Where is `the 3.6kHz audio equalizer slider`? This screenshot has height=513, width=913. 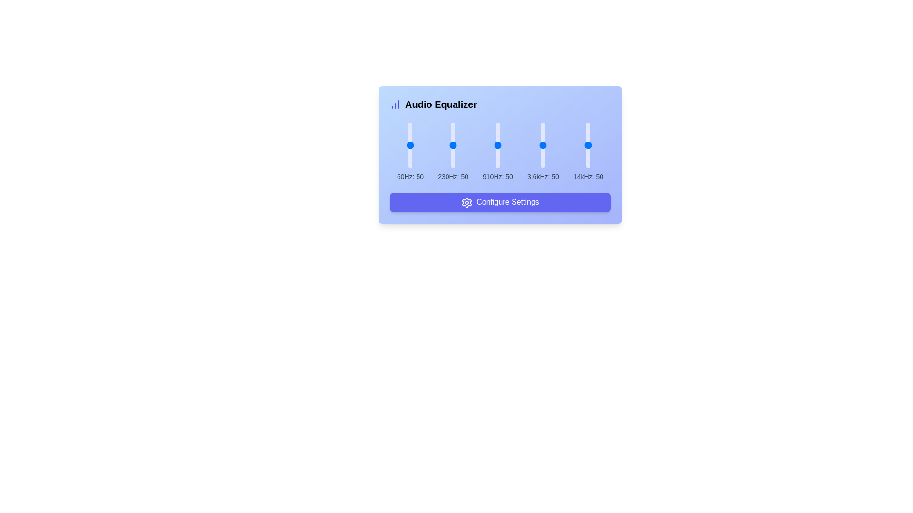
the 3.6kHz audio equalizer slider is located at coordinates (543, 159).